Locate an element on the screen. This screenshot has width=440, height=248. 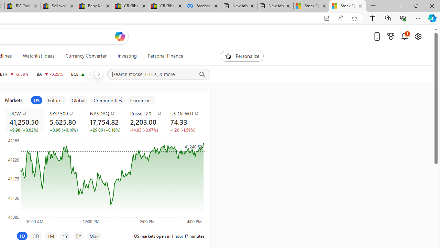
'To get missing image descriptions, open the context menu.' is located at coordinates (228, 55).